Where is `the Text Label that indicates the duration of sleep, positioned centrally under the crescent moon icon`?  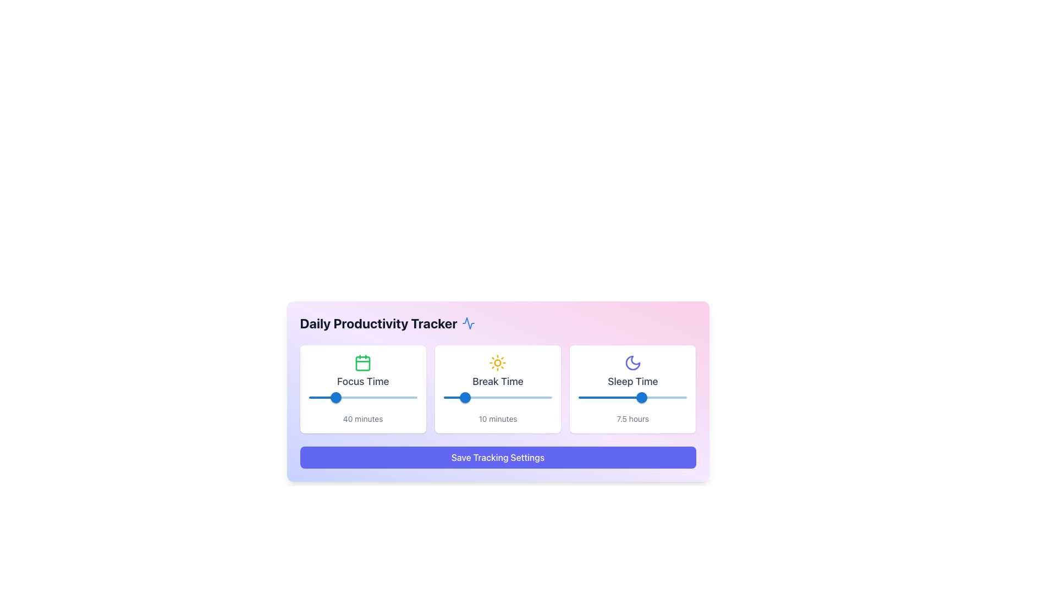
the Text Label that indicates the duration of sleep, positioned centrally under the crescent moon icon is located at coordinates (632, 381).